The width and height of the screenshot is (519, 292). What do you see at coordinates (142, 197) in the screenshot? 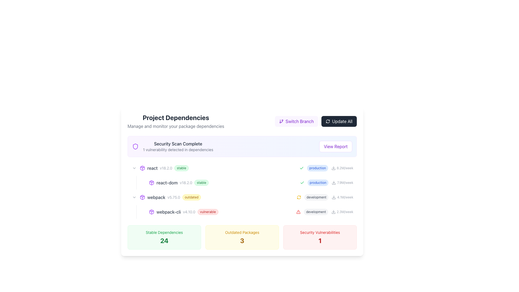
I see `the icon resembling a package box with a purple outline located to the left of the 'webpack v5.75.0 outdated' list item` at bounding box center [142, 197].